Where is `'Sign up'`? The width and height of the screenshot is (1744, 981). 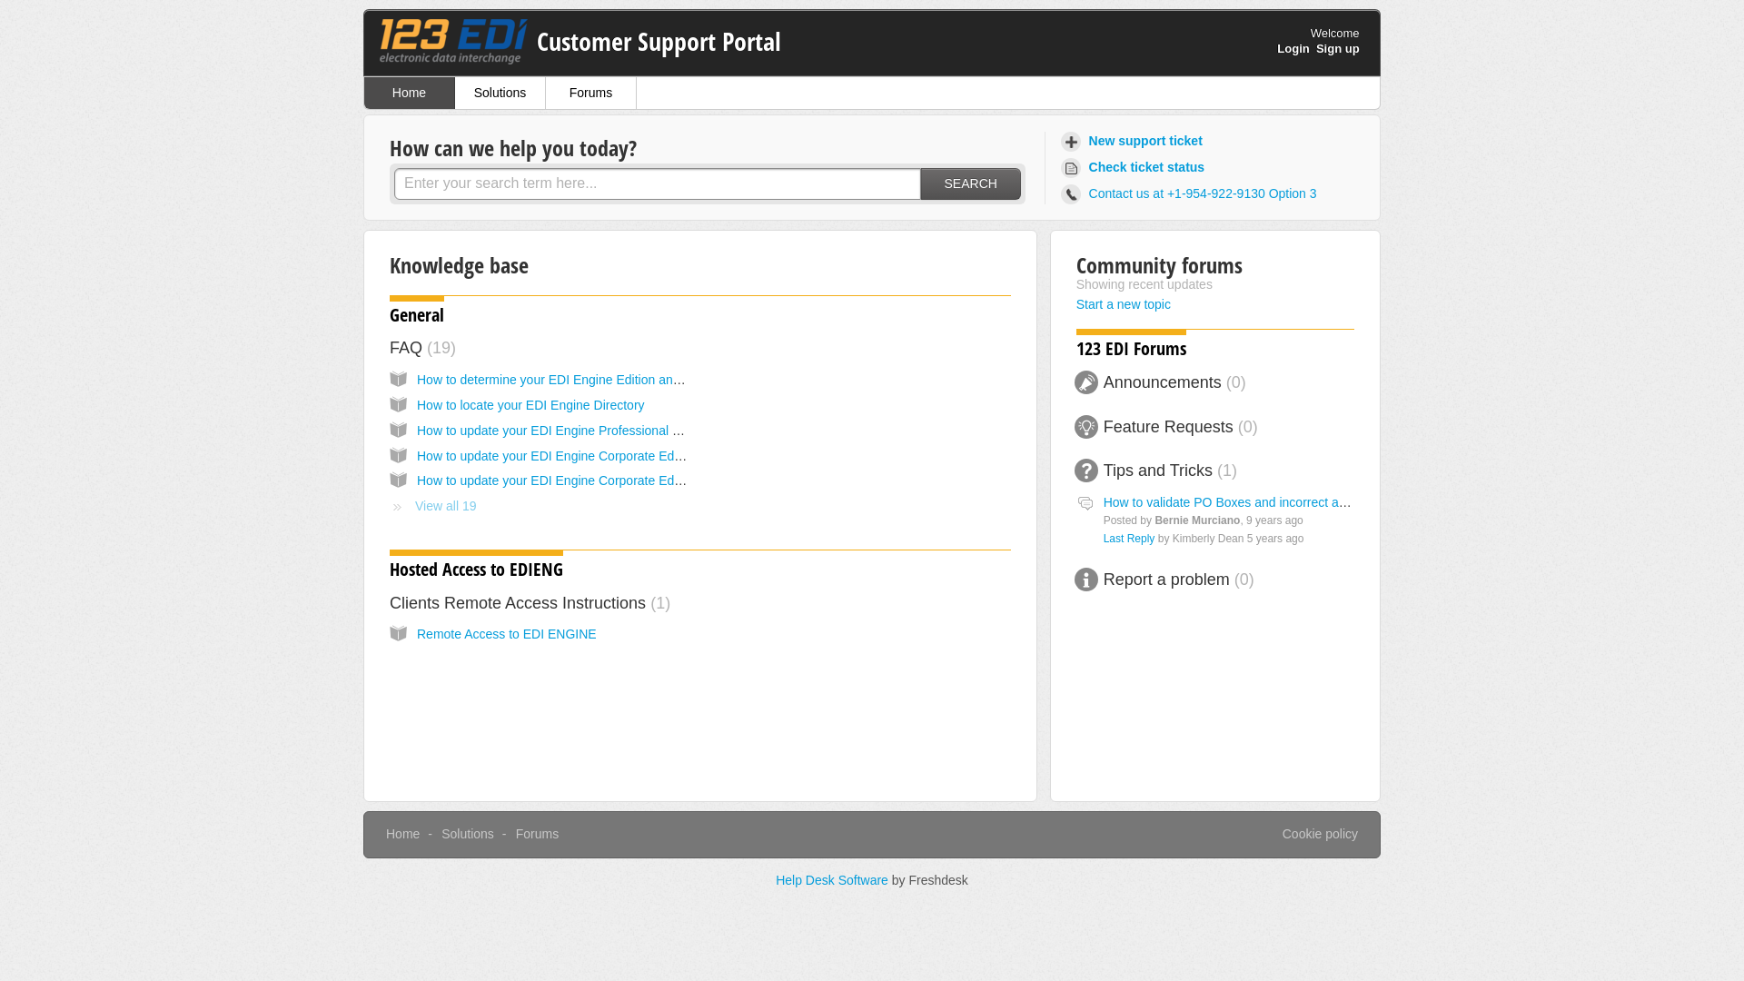
'Sign up' is located at coordinates (1338, 47).